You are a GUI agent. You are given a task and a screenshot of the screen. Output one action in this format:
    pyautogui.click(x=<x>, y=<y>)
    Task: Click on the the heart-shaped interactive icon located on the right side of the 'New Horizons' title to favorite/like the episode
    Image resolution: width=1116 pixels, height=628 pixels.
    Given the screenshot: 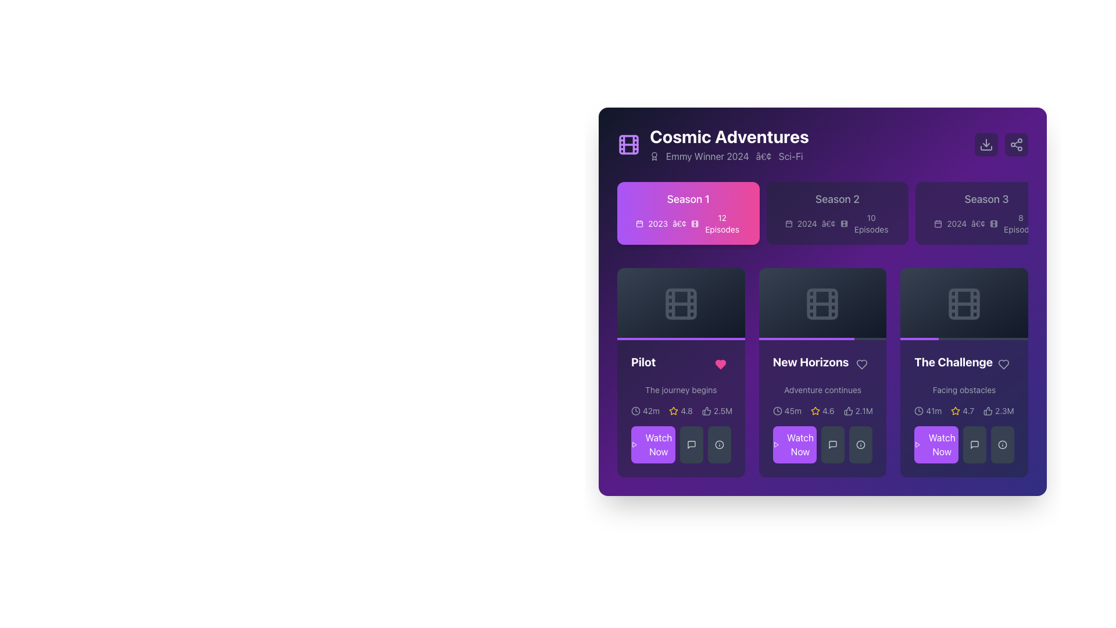 What is the action you would take?
    pyautogui.click(x=862, y=363)
    